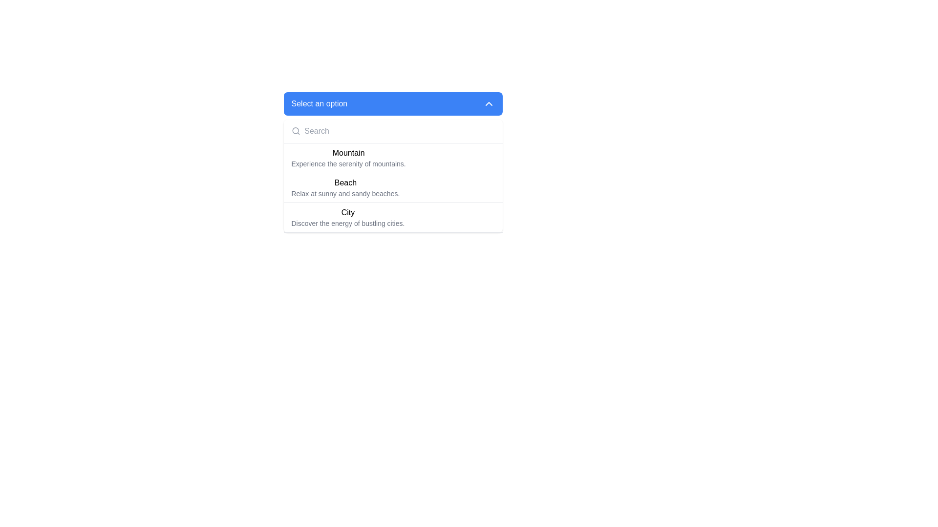 Image resolution: width=938 pixels, height=527 pixels. What do you see at coordinates (348, 158) in the screenshot?
I see `the 'Mountain' option in the dropdown menu` at bounding box center [348, 158].